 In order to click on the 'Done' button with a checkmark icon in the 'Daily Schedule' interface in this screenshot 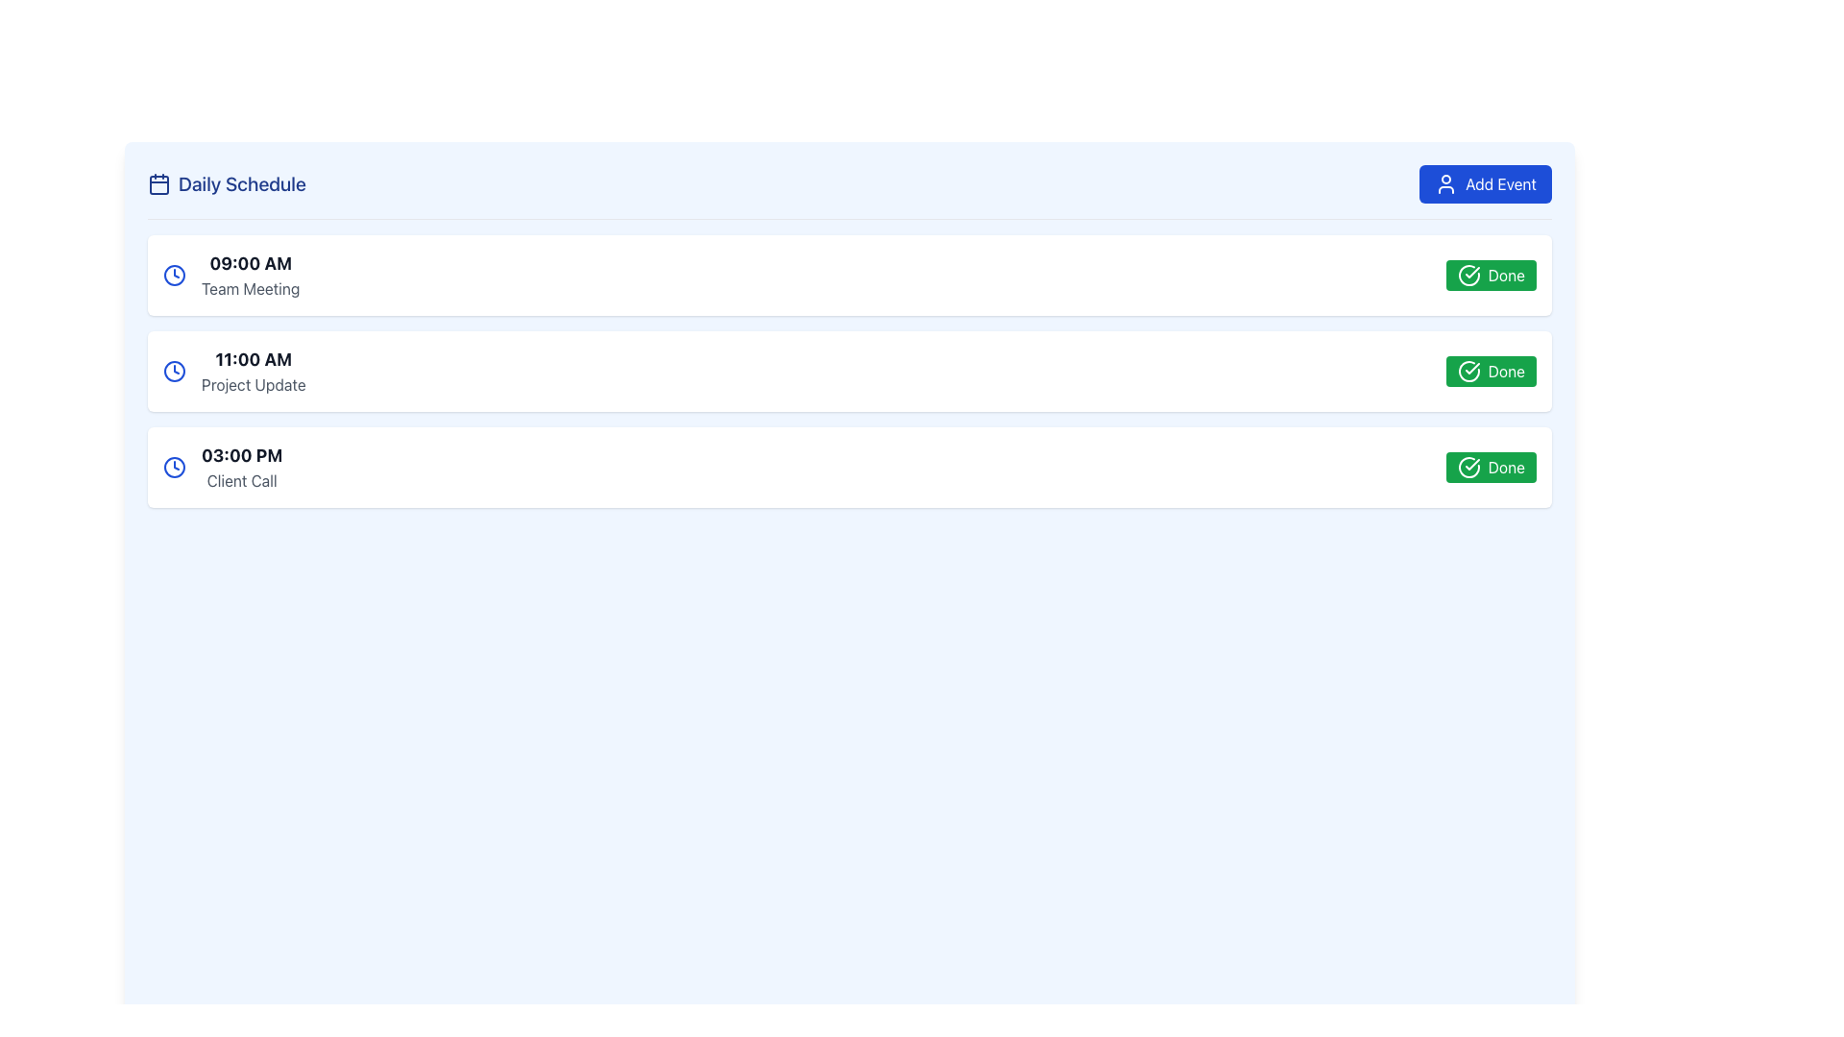, I will do `click(1490, 371)`.